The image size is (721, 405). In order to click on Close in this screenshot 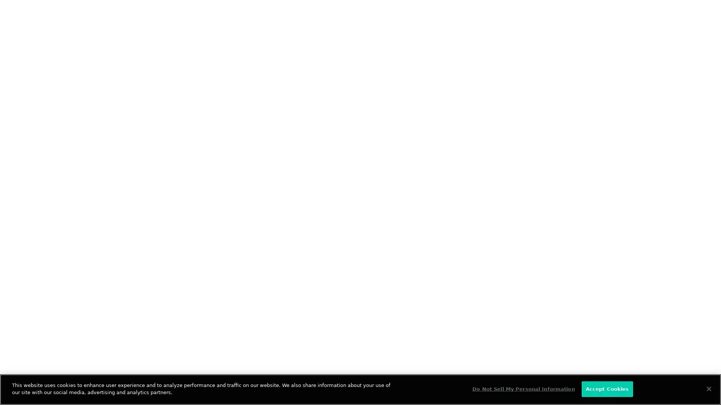, I will do `click(708, 388)`.